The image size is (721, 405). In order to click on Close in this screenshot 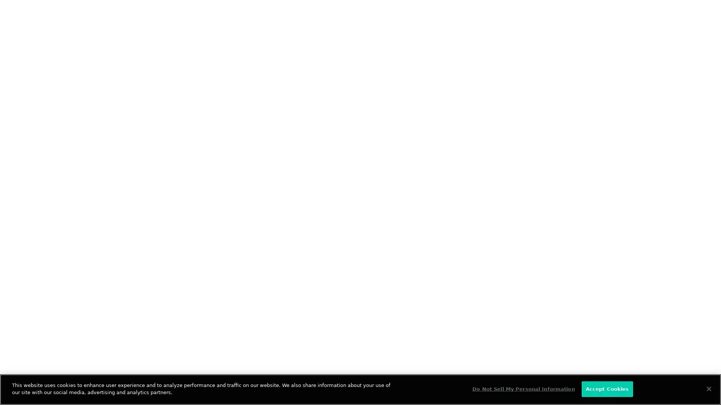, I will do `click(708, 388)`.